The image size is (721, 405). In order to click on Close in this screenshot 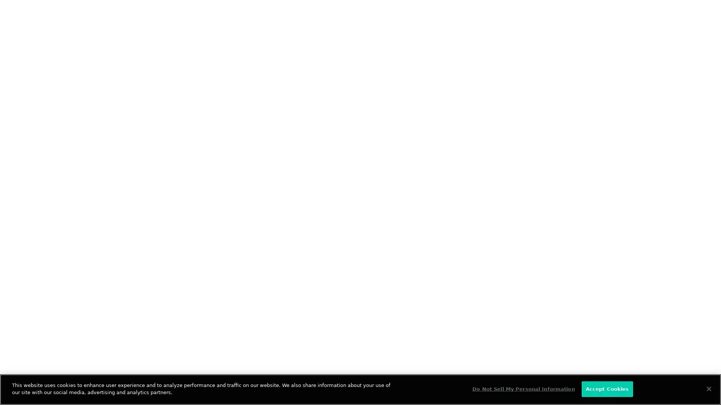, I will do `click(708, 388)`.